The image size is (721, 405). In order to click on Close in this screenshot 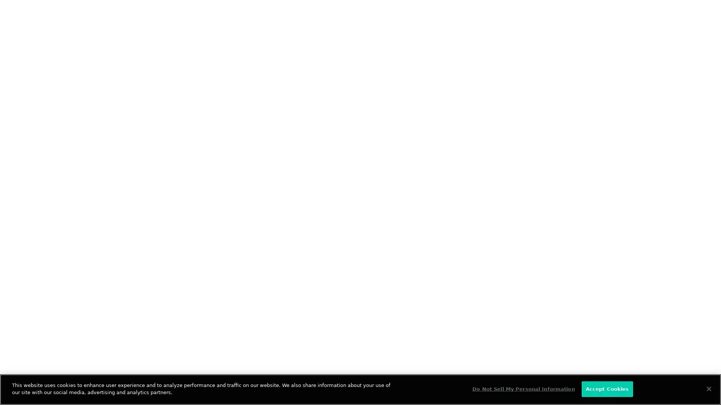, I will do `click(708, 388)`.